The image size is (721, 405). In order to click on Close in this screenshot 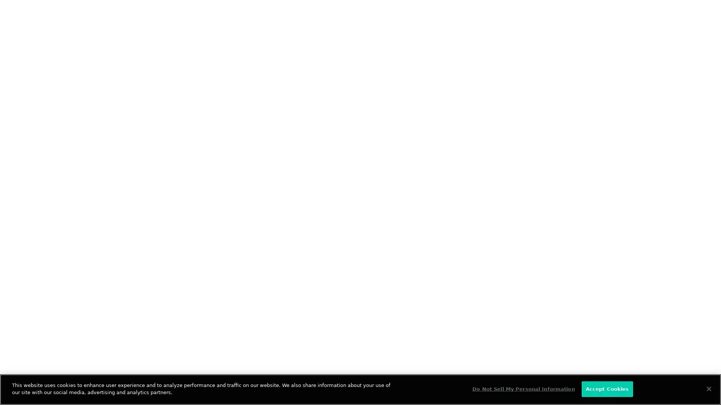, I will do `click(708, 388)`.